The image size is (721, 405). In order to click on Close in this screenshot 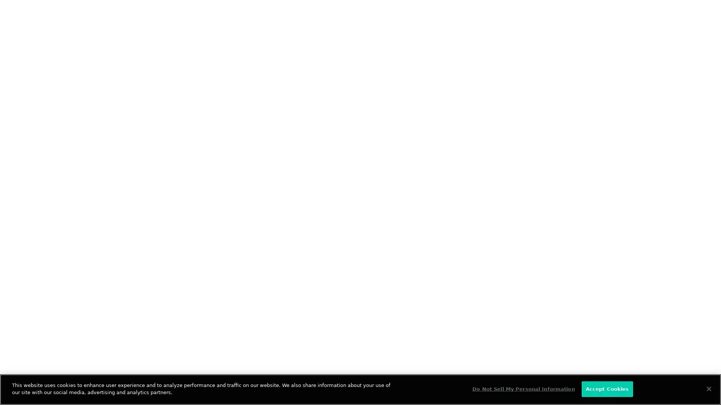, I will do `click(708, 388)`.